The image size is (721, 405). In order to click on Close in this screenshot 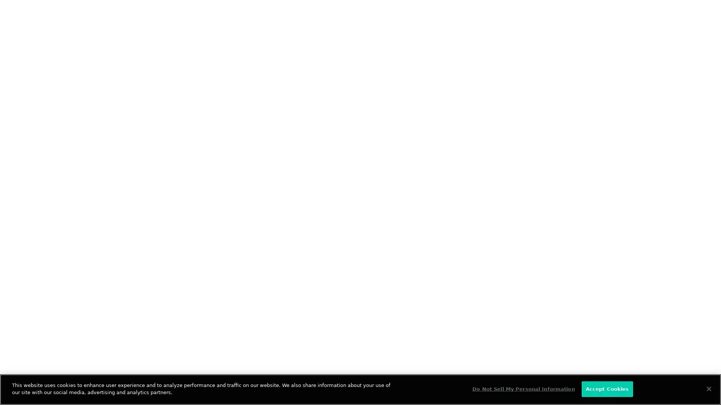, I will do `click(708, 388)`.